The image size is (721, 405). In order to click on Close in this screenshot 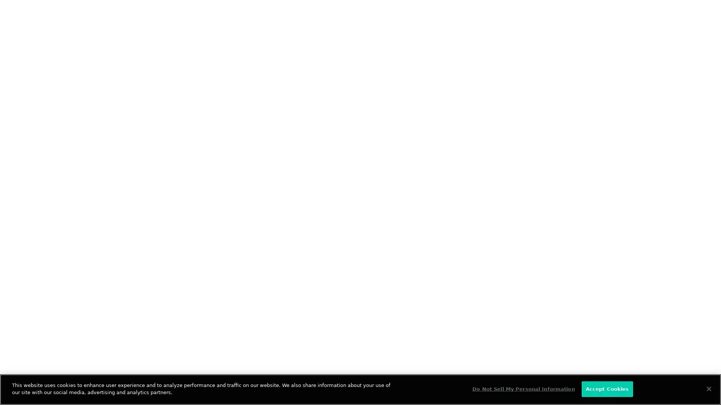, I will do `click(708, 388)`.